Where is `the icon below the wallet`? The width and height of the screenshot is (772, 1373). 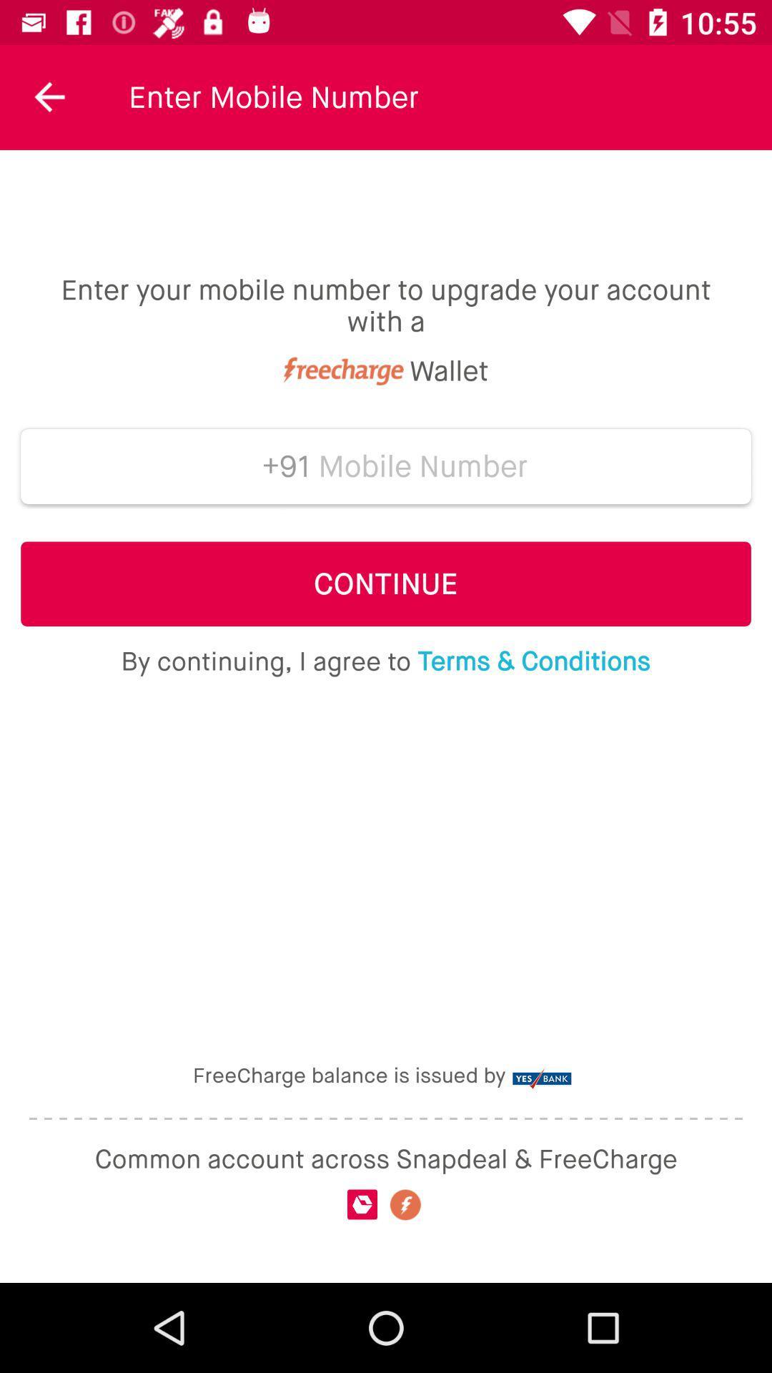 the icon below the wallet is located at coordinates (422, 466).